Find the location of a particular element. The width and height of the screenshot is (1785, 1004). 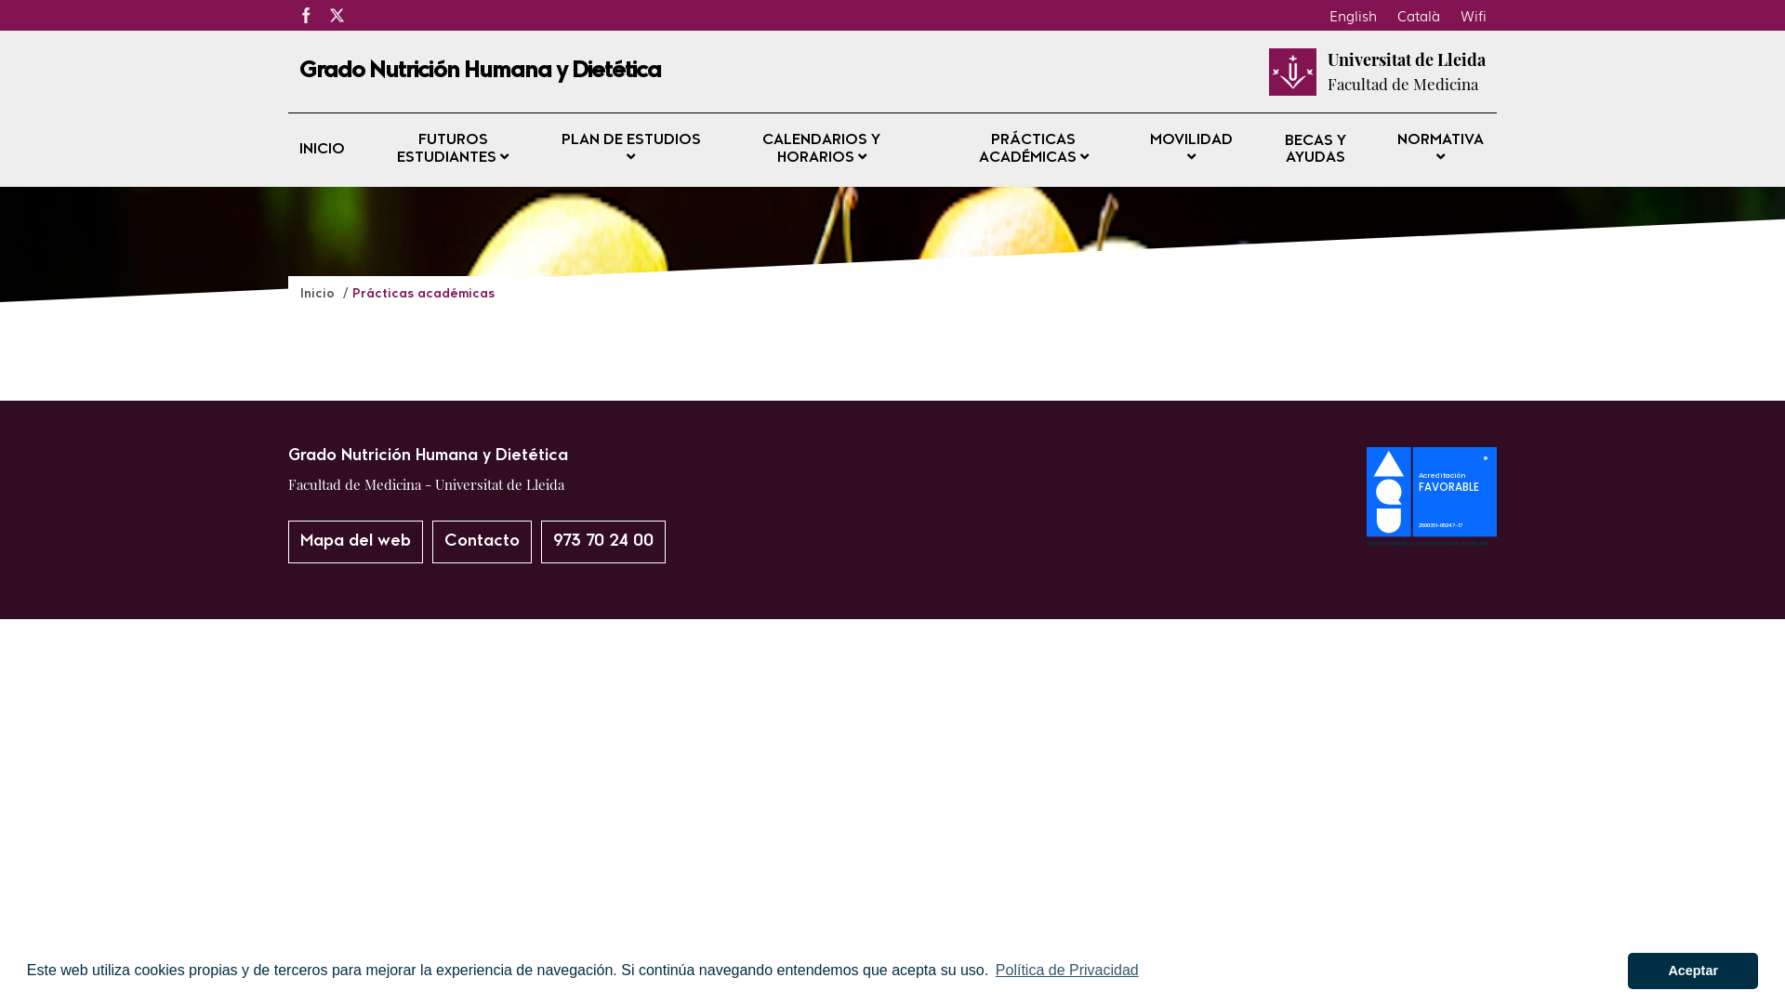

'Aceptar' is located at coordinates (1692, 970).